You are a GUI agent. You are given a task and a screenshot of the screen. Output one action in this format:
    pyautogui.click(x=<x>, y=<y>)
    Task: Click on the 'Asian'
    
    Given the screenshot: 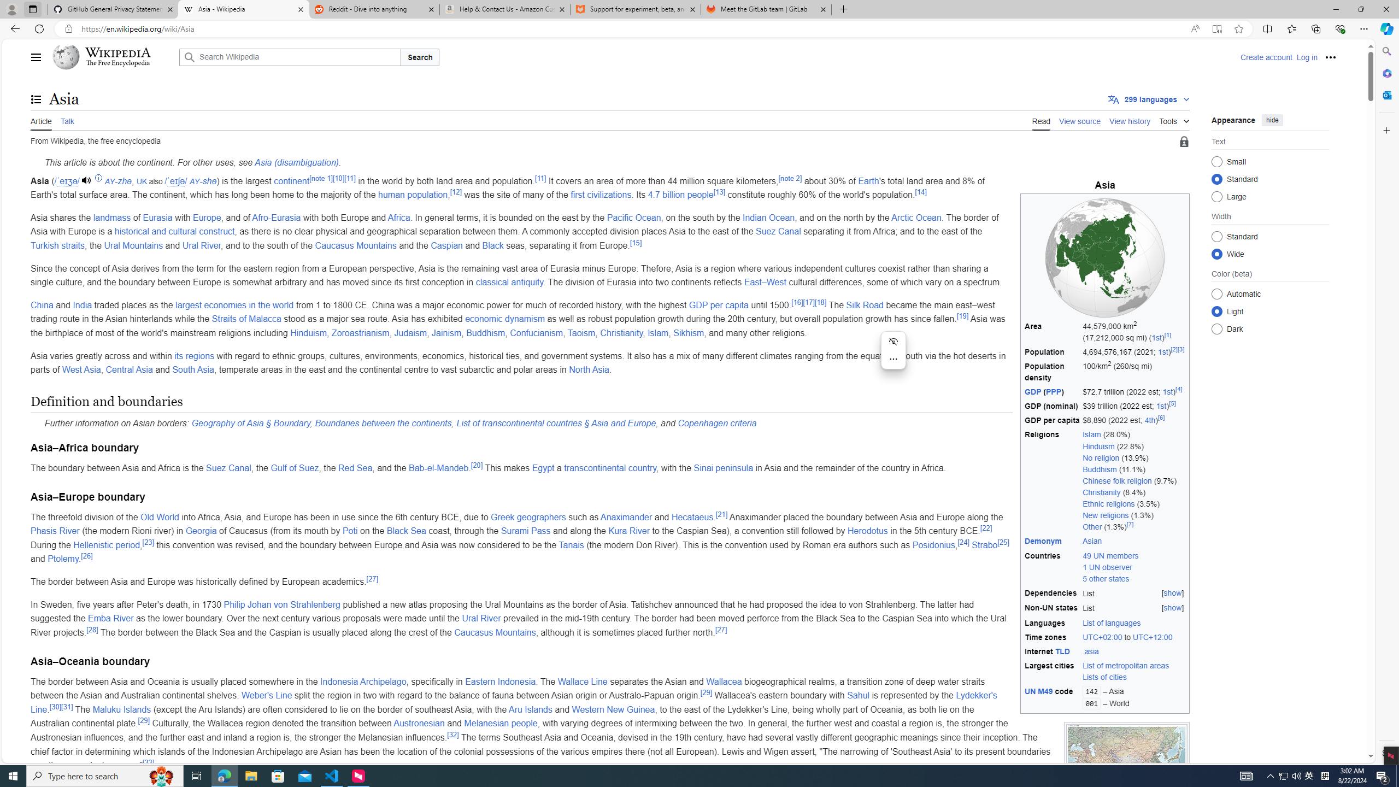 What is the action you would take?
    pyautogui.click(x=1092, y=541)
    